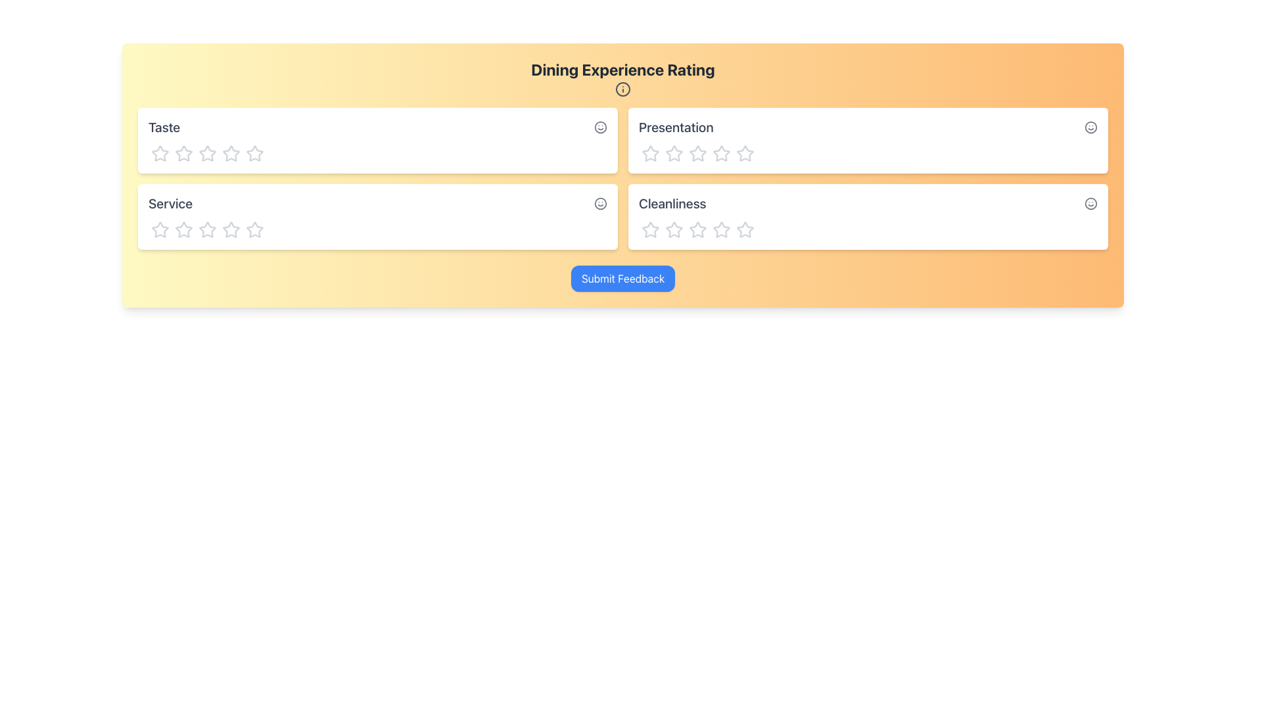  What do you see at coordinates (868, 216) in the screenshot?
I see `the 'Cleanliness' rating input element` at bounding box center [868, 216].